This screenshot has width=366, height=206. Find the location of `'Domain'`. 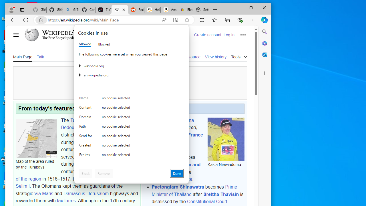

'Domain' is located at coordinates (86, 118).